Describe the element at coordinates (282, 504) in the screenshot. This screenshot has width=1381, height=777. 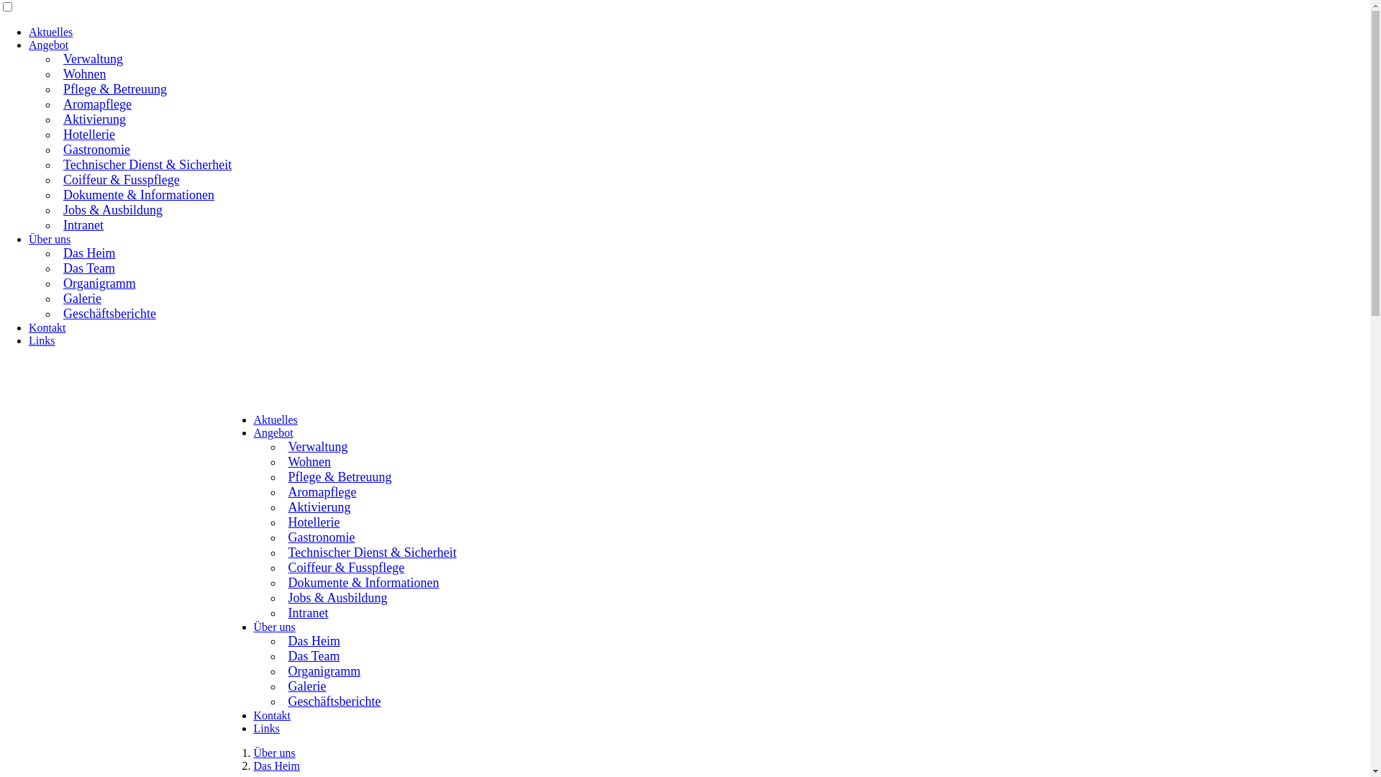
I see `'Aktivierung'` at that location.